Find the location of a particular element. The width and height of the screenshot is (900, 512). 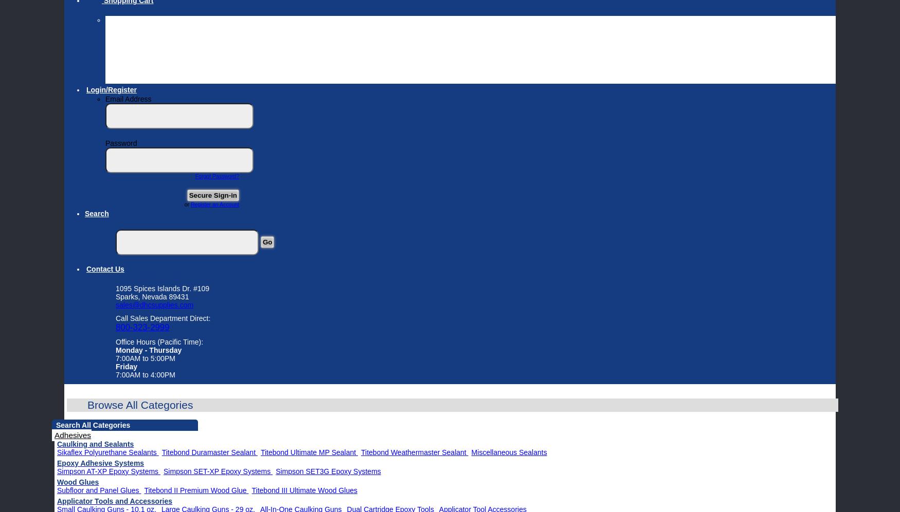

'Monday - Thursday' is located at coordinates (148, 350).